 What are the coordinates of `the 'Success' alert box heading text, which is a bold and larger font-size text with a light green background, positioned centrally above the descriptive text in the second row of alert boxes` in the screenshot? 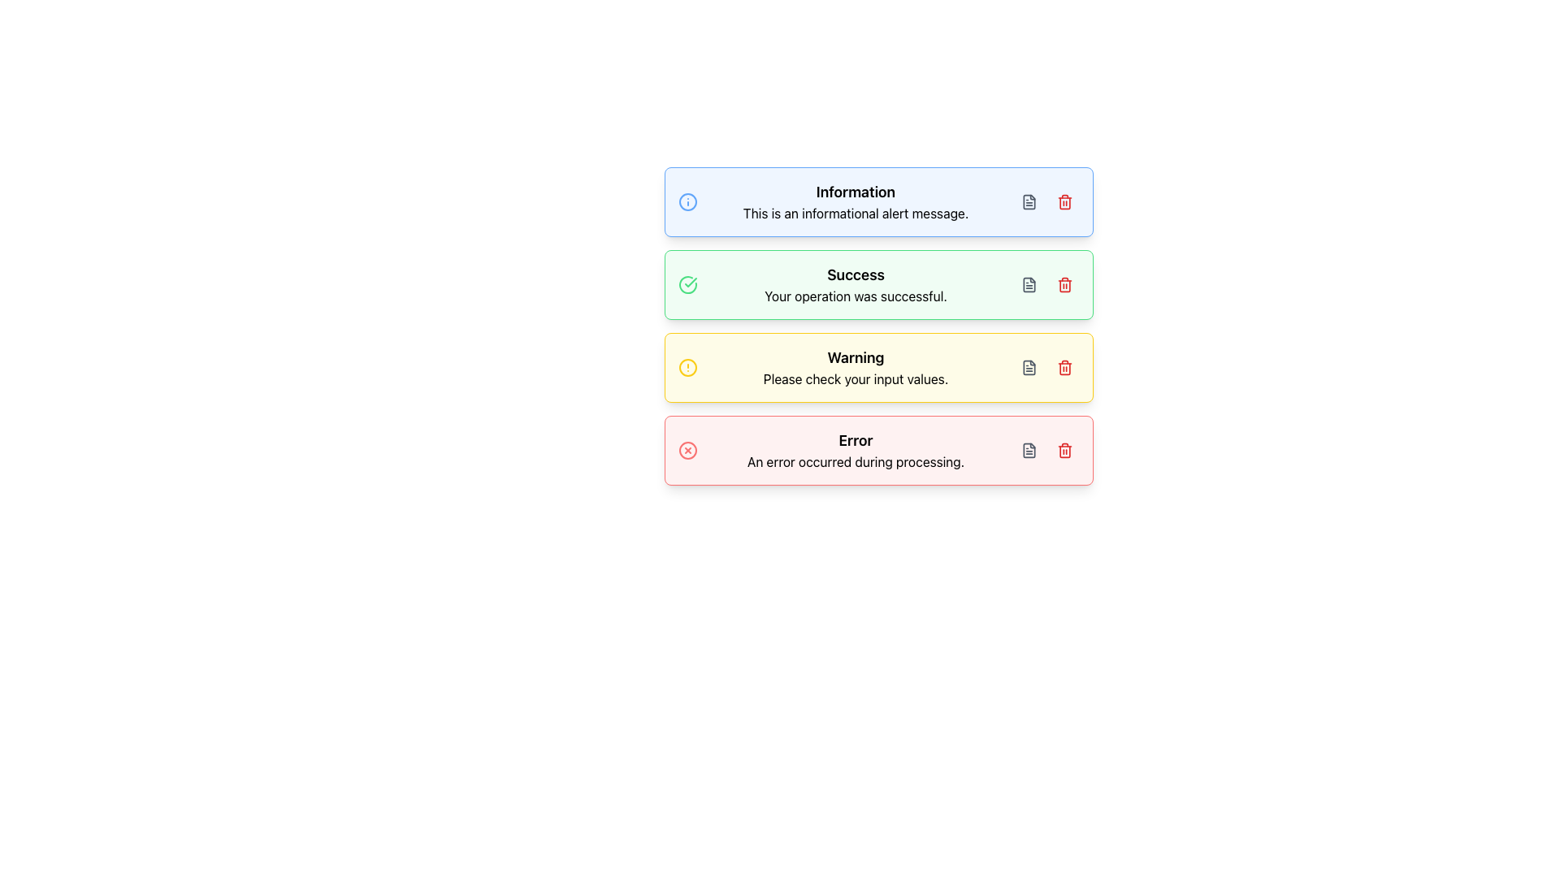 It's located at (855, 274).